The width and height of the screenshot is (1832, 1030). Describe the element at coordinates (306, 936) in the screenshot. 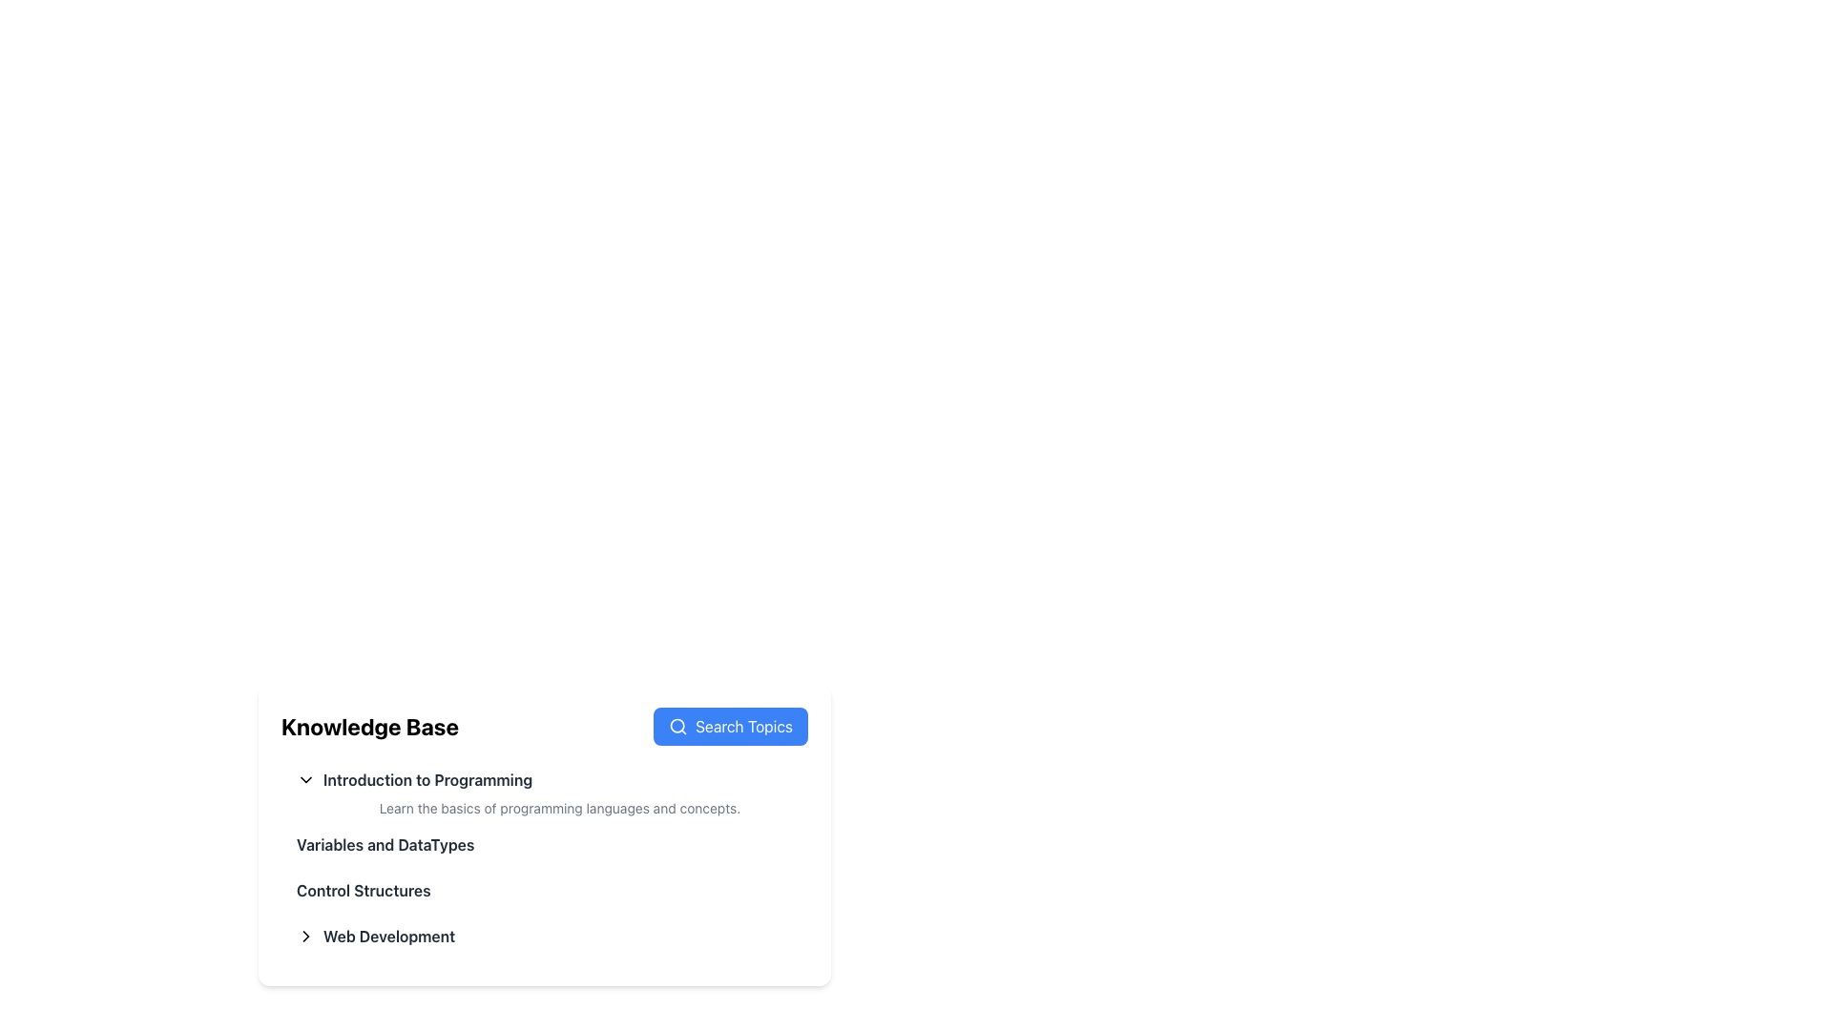

I see `the expandable icon next to 'Control Structures' in the 'Knowledge Base' section` at that location.